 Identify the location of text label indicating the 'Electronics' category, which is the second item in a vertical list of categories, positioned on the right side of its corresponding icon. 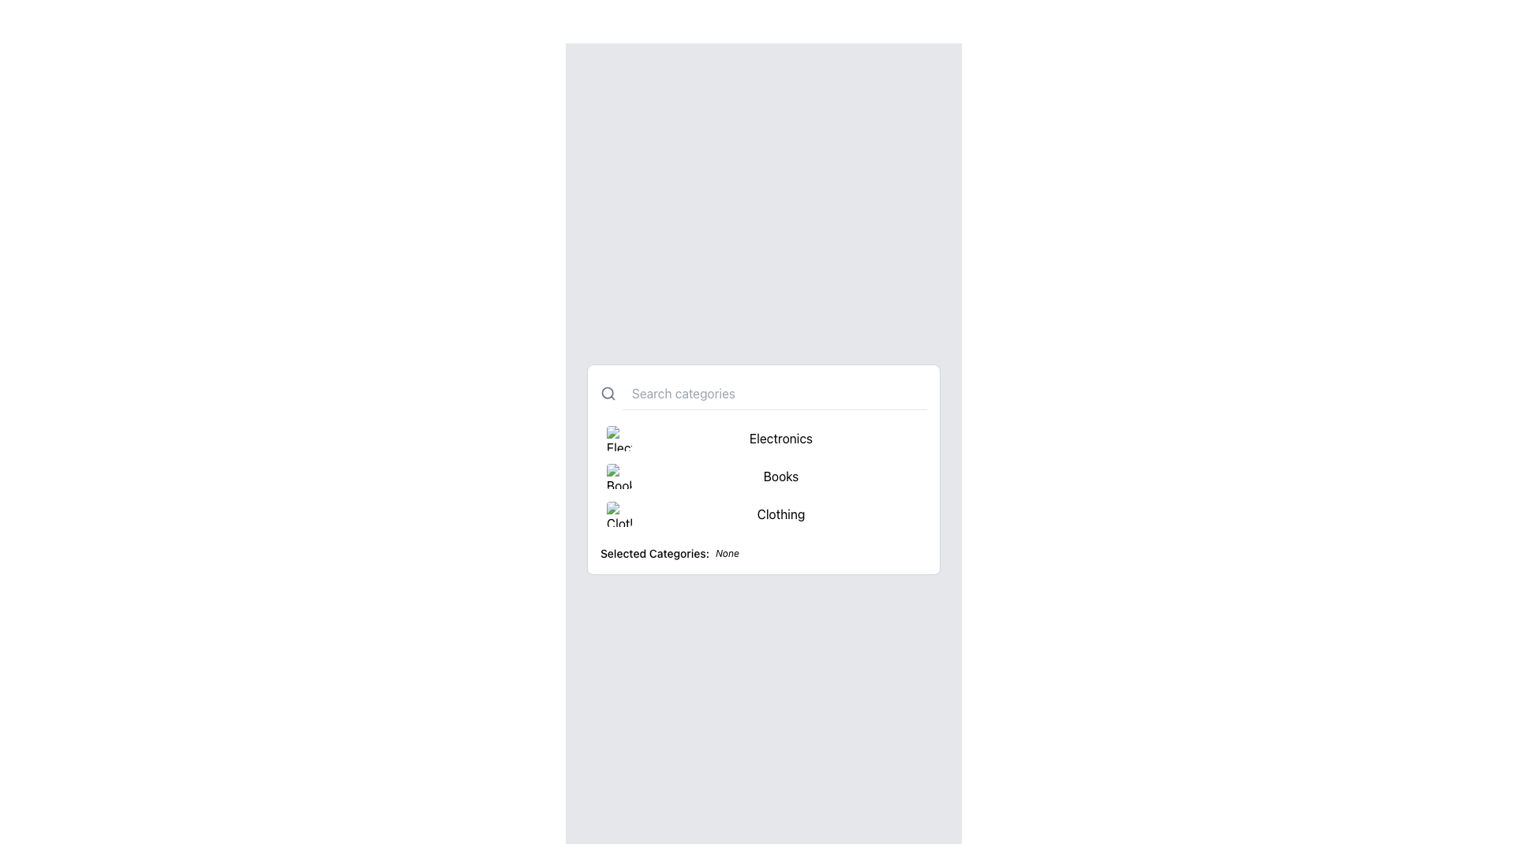
(780, 438).